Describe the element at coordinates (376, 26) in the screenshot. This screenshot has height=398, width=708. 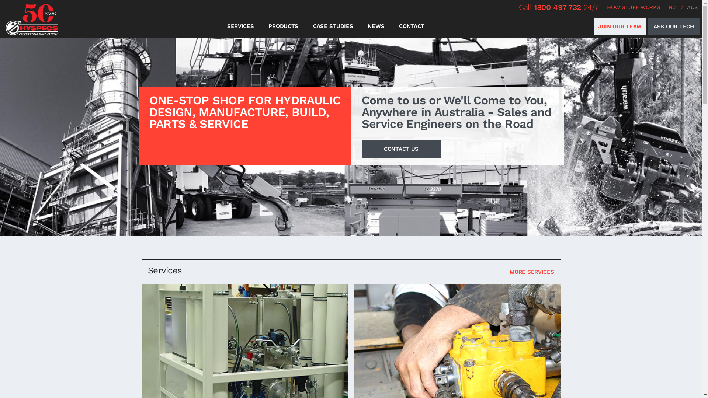
I see `'NEWS'` at that location.